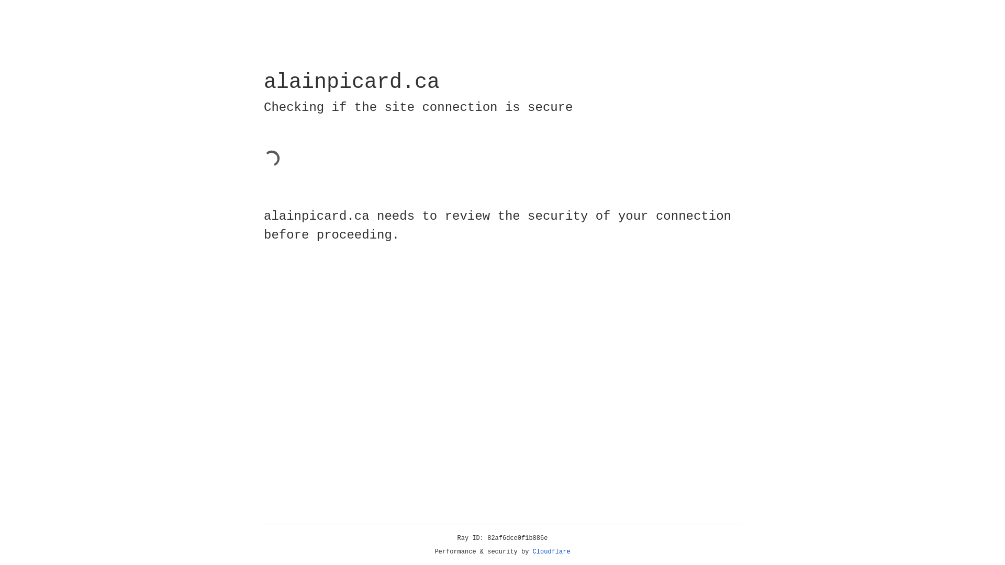 The image size is (1005, 565). What do you see at coordinates (551, 551) in the screenshot?
I see `'Cloudflare'` at bounding box center [551, 551].